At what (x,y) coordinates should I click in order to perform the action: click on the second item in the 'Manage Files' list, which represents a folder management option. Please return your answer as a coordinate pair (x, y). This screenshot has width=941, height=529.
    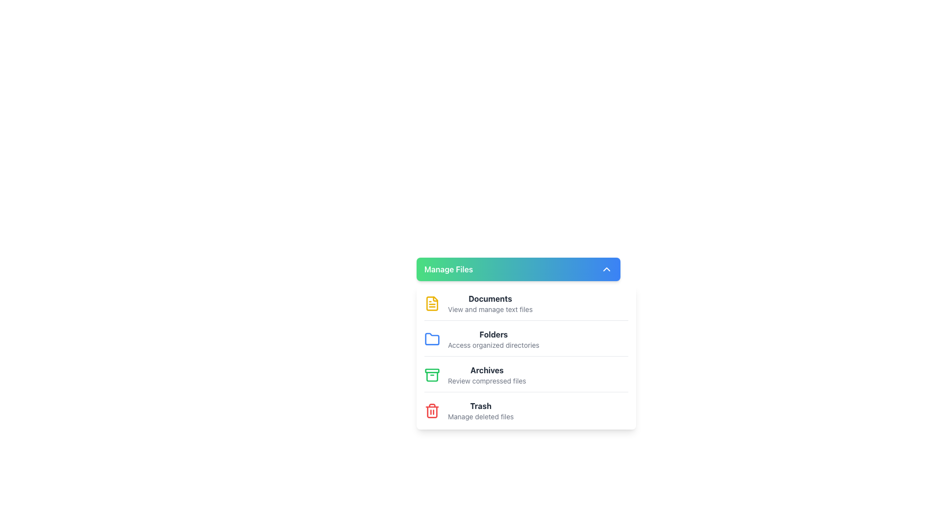
    Looking at the image, I should click on (526, 342).